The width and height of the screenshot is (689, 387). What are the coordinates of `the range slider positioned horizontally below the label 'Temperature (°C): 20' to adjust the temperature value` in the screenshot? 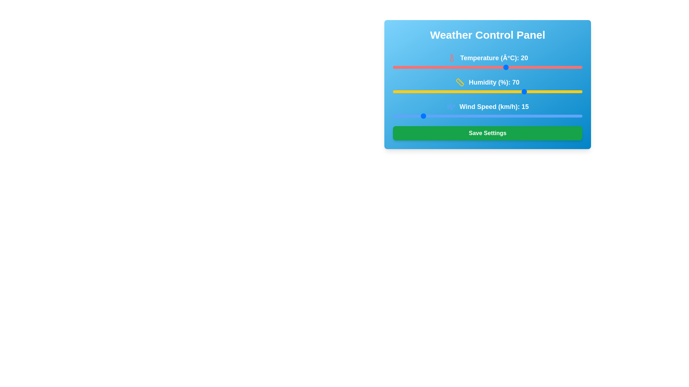 It's located at (487, 67).